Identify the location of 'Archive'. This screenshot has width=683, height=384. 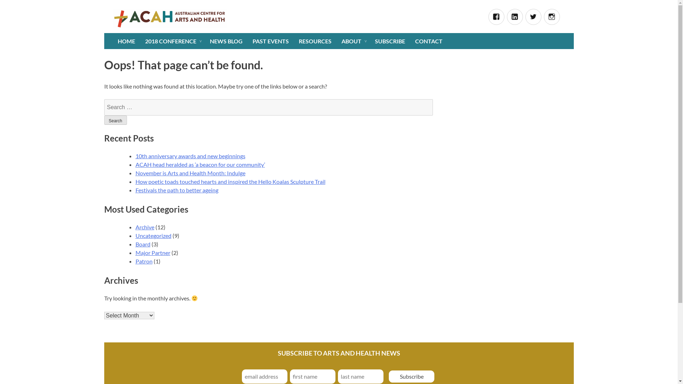
(144, 227).